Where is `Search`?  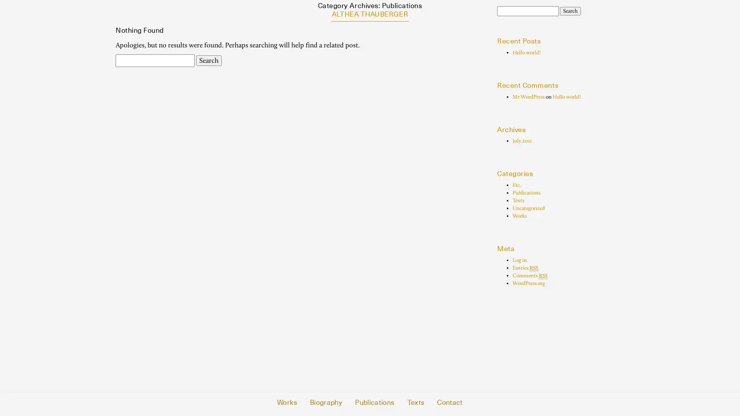
Search is located at coordinates (570, 11).